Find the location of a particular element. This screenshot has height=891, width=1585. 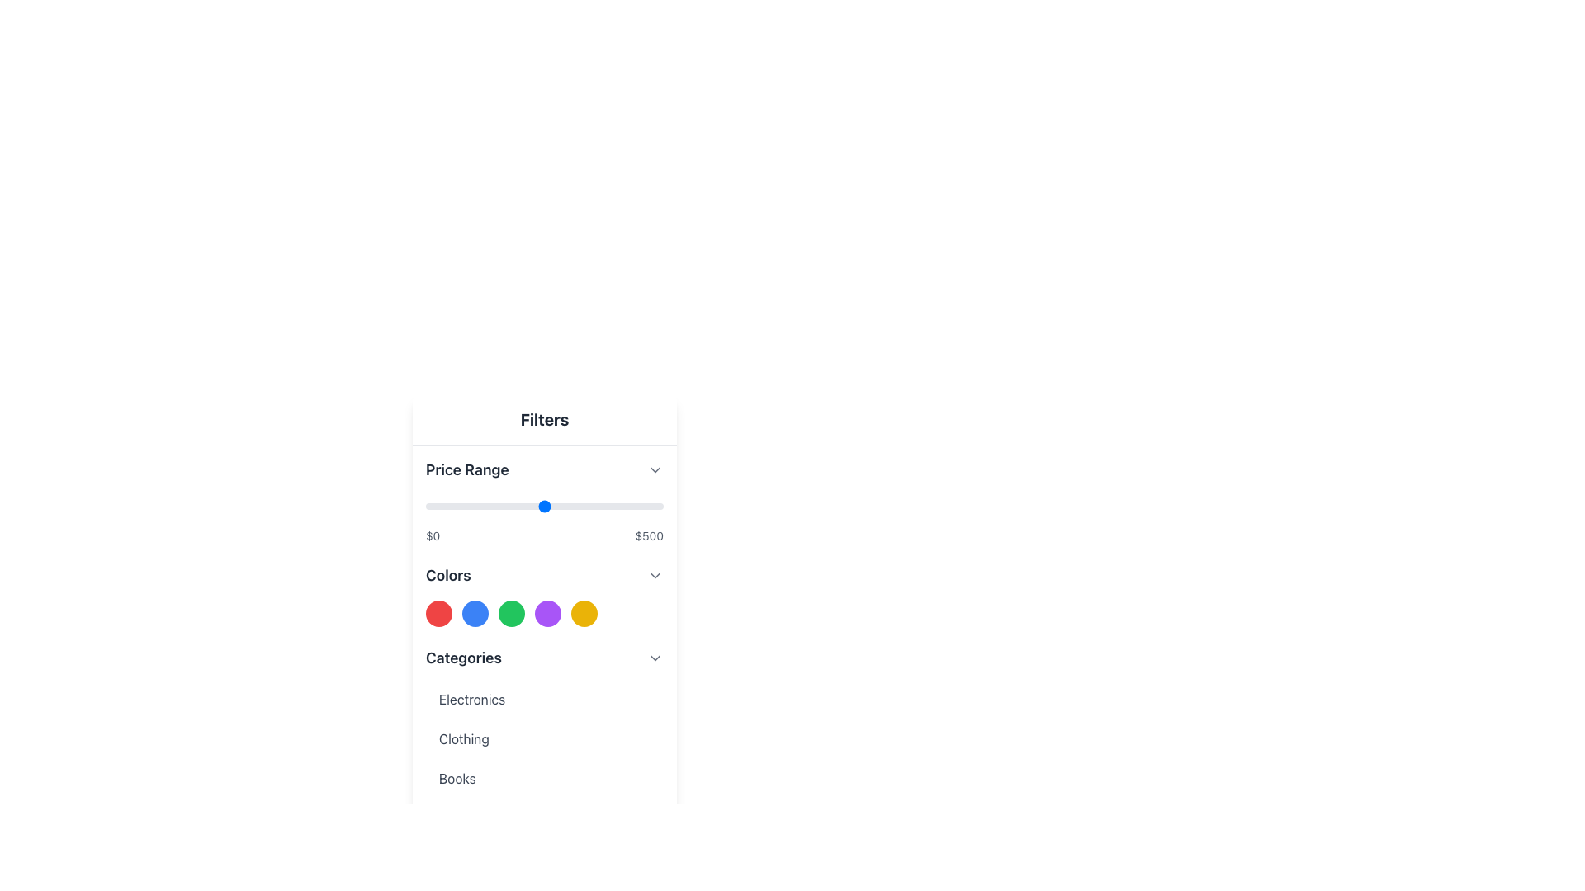

the dropdown icon for the 'Colors' section to activate the associated options is located at coordinates (654, 575).